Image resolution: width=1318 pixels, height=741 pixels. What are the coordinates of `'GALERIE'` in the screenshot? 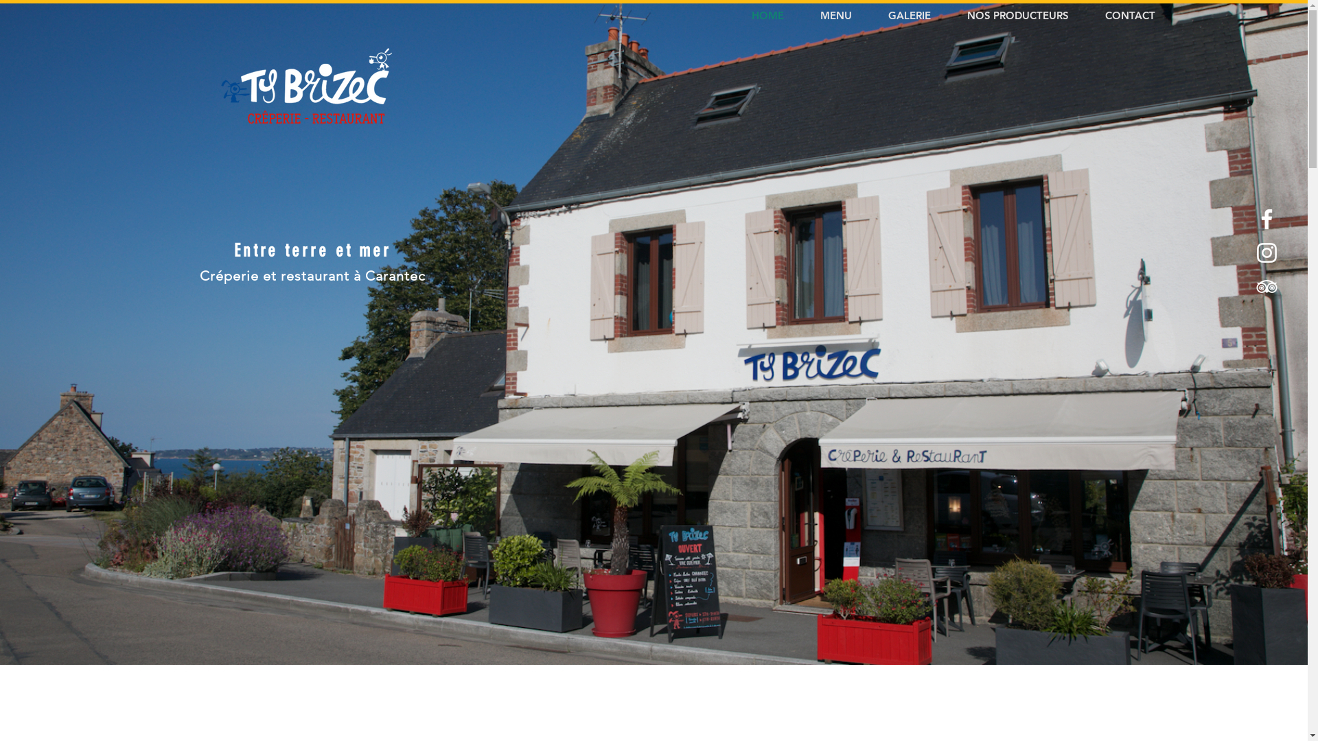 It's located at (917, 15).